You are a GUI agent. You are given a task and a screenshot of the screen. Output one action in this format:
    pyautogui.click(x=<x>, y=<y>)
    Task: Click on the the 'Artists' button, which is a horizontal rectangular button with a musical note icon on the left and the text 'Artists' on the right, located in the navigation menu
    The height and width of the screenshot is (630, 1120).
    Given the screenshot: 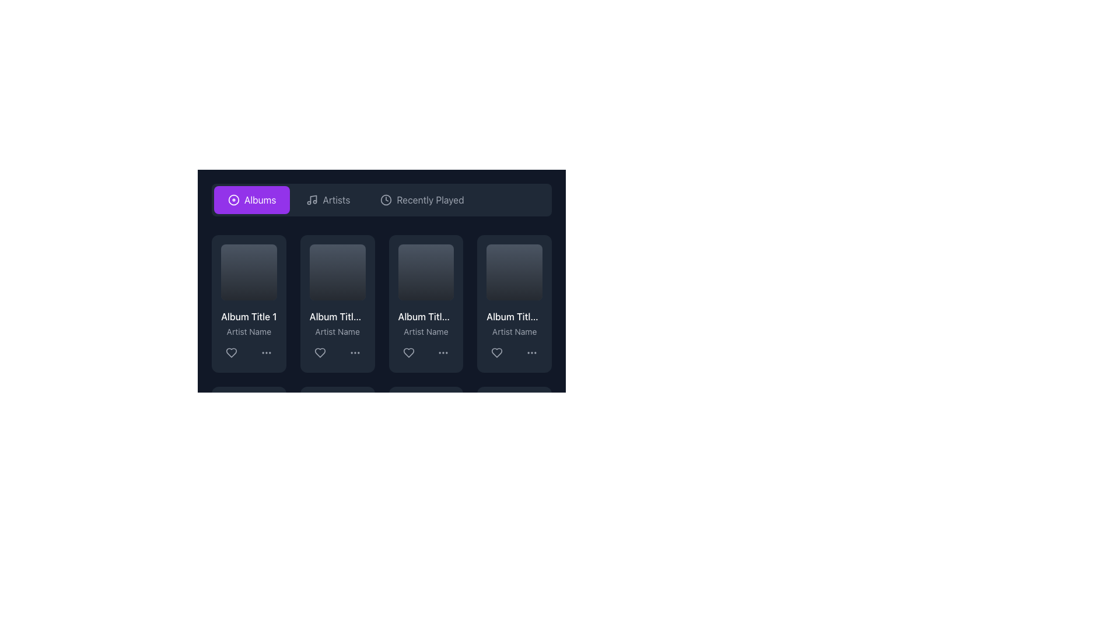 What is the action you would take?
    pyautogui.click(x=327, y=199)
    